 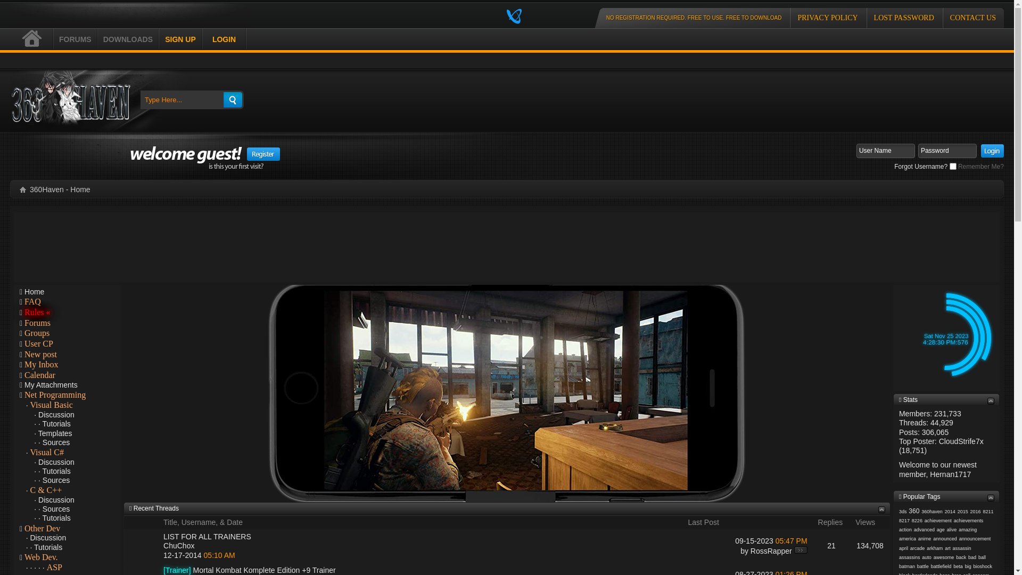 I want to click on 'Home', so click(x=24, y=291).